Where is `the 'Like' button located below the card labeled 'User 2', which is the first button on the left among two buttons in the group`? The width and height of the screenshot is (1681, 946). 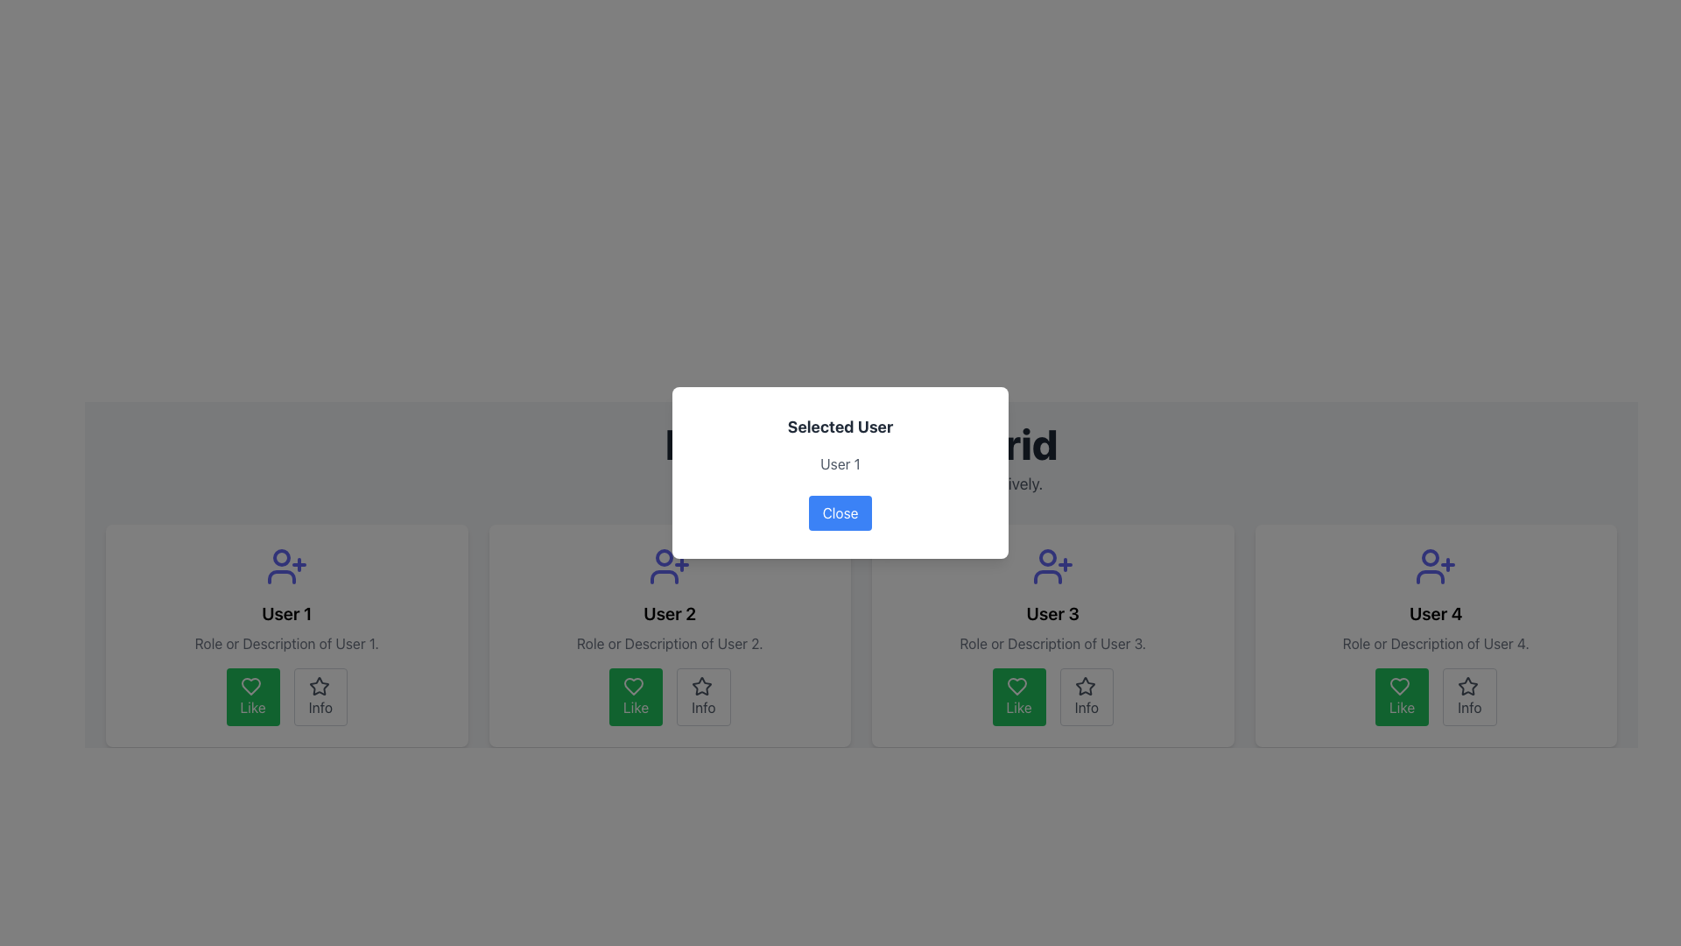 the 'Like' button located below the card labeled 'User 2', which is the first button on the left among two buttons in the group is located at coordinates (635, 695).